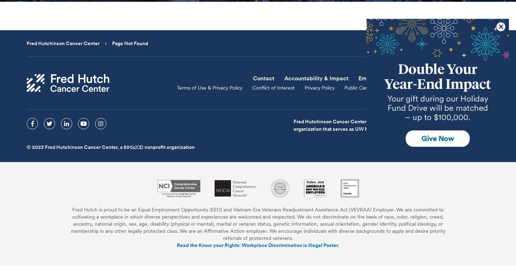 This screenshot has height=274, width=516. What do you see at coordinates (379, 78) in the screenshot?
I see `'Employee Links'` at bounding box center [379, 78].